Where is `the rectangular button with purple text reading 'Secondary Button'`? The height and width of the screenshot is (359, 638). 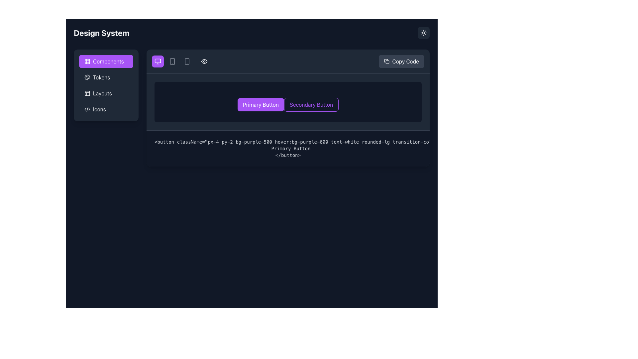 the rectangular button with purple text reading 'Secondary Button' is located at coordinates (288, 107).